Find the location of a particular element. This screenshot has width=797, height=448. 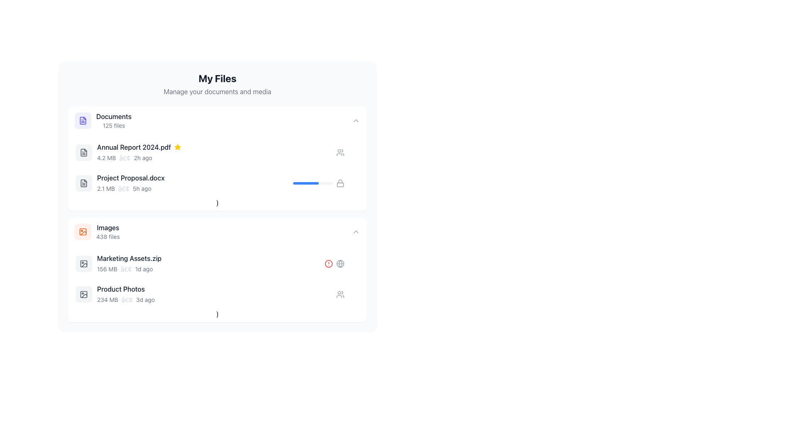

static text component that displays 'Manage your documents and media', which is located directly beneath the header 'My Files' is located at coordinates (217, 91).